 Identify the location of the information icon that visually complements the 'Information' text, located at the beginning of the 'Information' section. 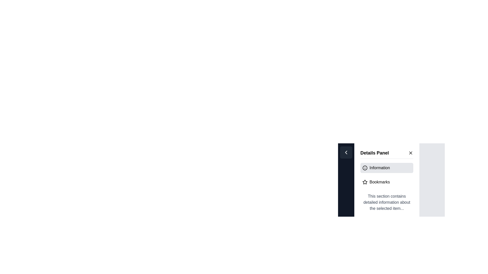
(364, 168).